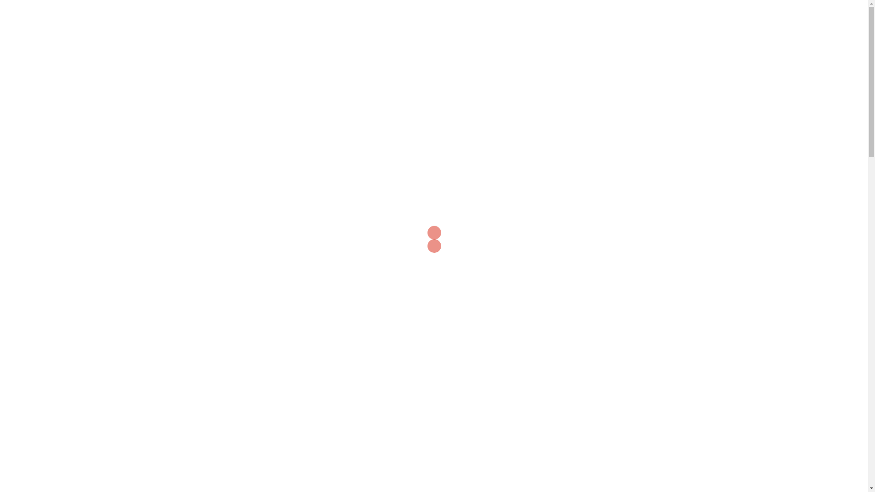 The width and height of the screenshot is (875, 492). Describe the element at coordinates (676, 31) in the screenshot. I see `'Kontakt'` at that location.